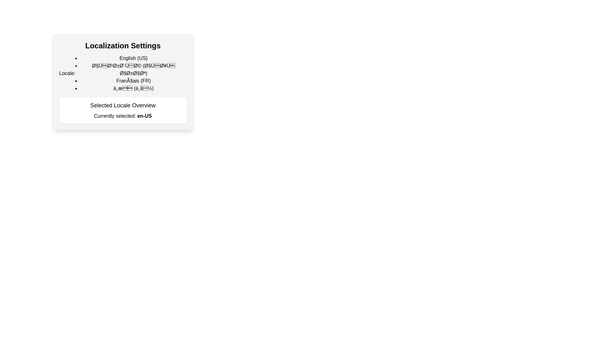 The image size is (603, 339). Describe the element at coordinates (133, 81) in the screenshot. I see `the 'FranÃ§ais (FR)' locale text label in the localization settings` at that location.